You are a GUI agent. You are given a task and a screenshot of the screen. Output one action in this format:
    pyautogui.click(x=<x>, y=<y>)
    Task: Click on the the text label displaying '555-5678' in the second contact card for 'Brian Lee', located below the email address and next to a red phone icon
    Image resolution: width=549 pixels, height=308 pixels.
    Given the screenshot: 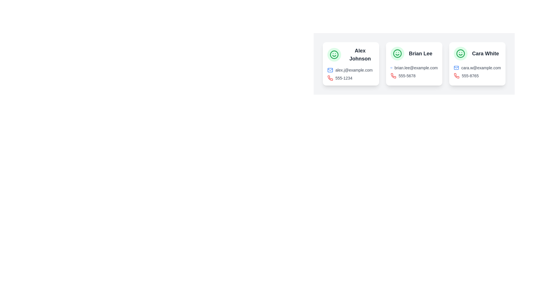 What is the action you would take?
    pyautogui.click(x=407, y=76)
    